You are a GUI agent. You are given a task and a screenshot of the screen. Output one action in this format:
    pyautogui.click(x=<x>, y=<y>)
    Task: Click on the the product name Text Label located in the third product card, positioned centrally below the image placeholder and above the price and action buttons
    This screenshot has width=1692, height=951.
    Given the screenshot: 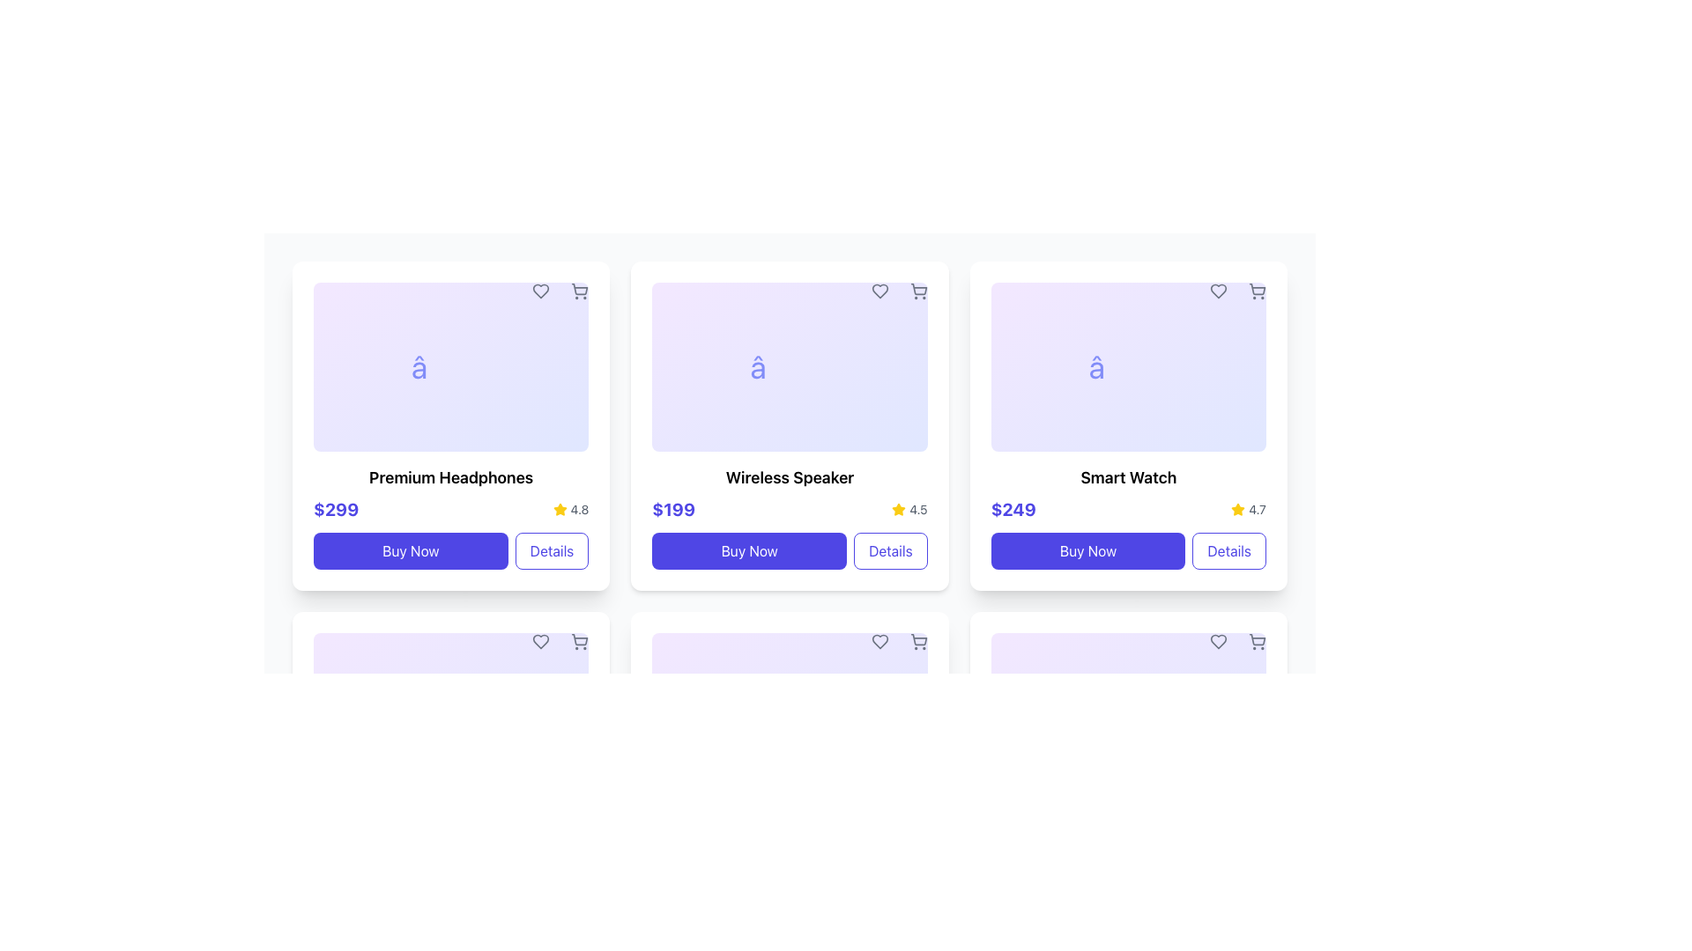 What is the action you would take?
    pyautogui.click(x=1128, y=478)
    